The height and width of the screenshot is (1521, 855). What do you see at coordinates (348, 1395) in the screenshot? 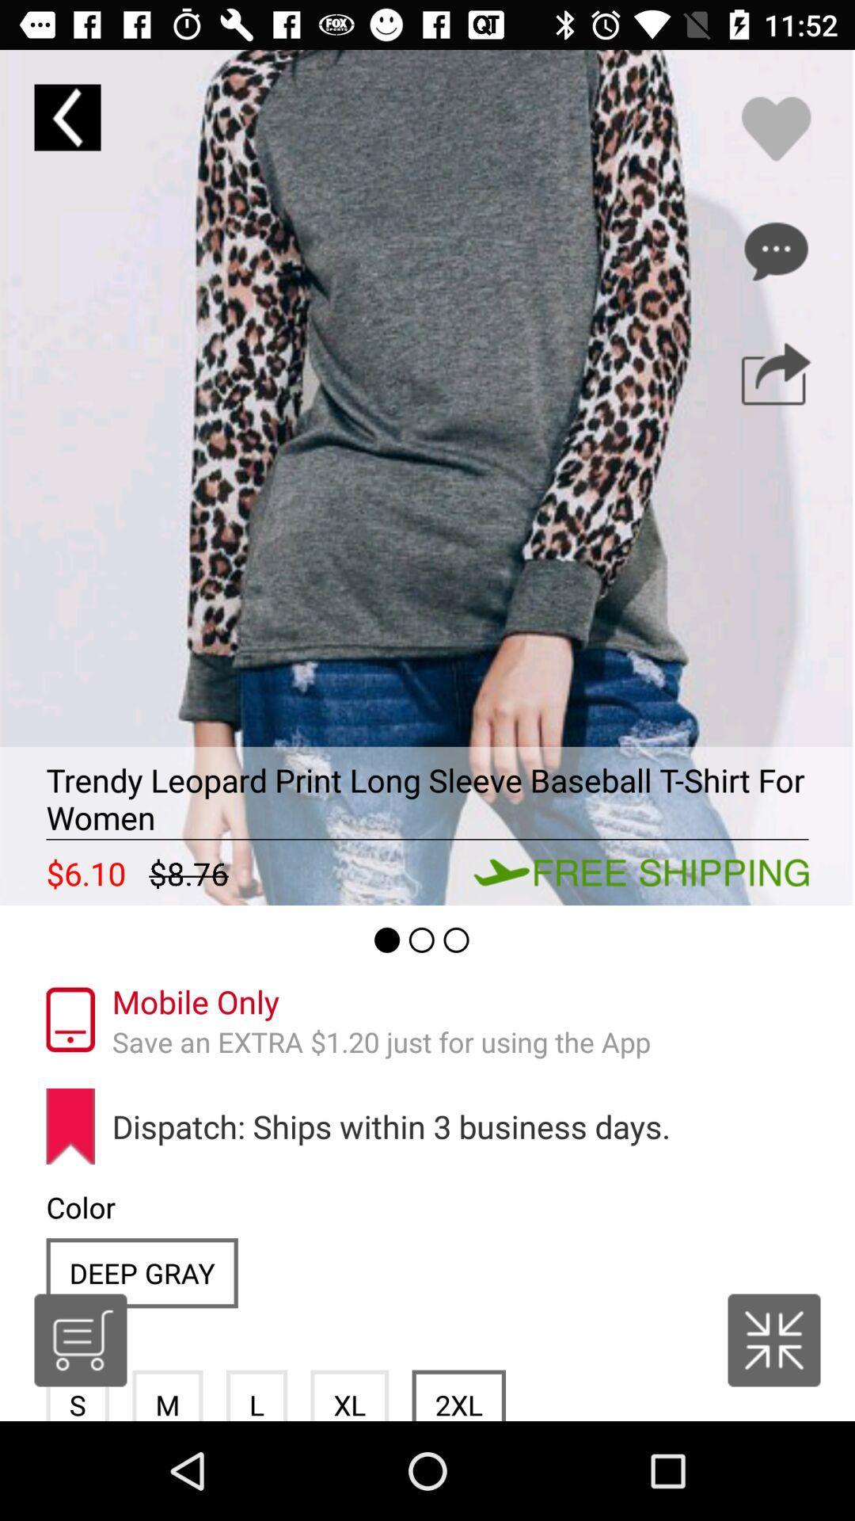
I see `item to the right of the l` at bounding box center [348, 1395].